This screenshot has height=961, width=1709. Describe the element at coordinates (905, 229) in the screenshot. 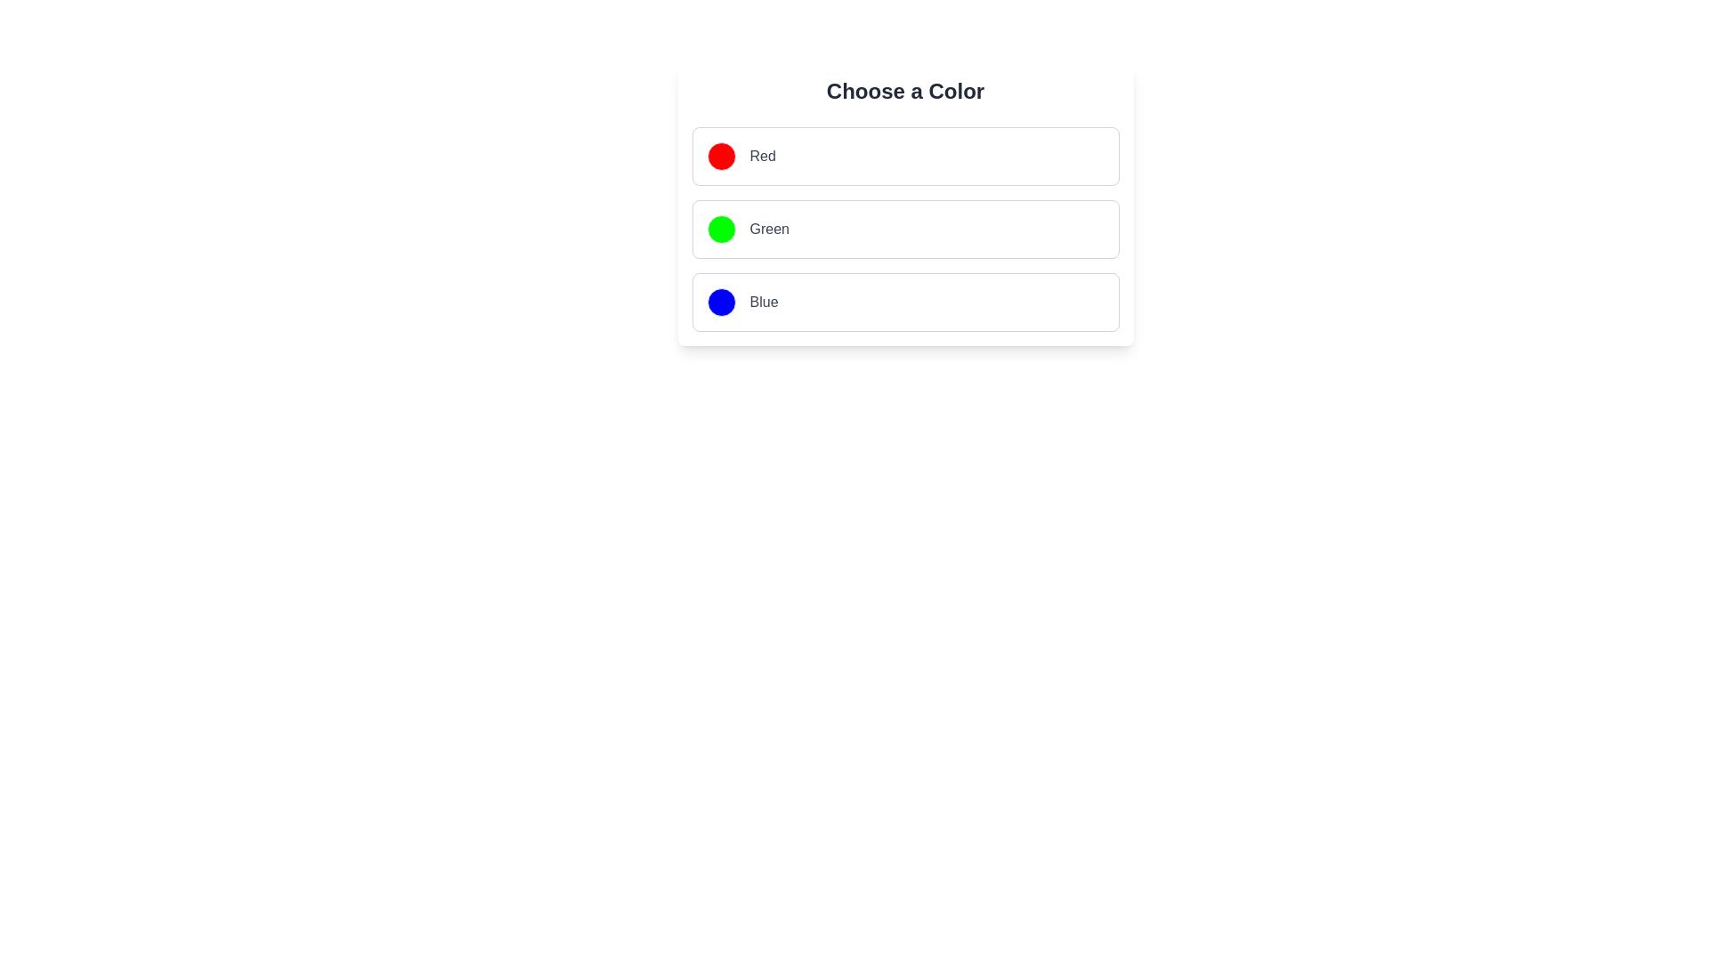

I see `the radio button` at that location.